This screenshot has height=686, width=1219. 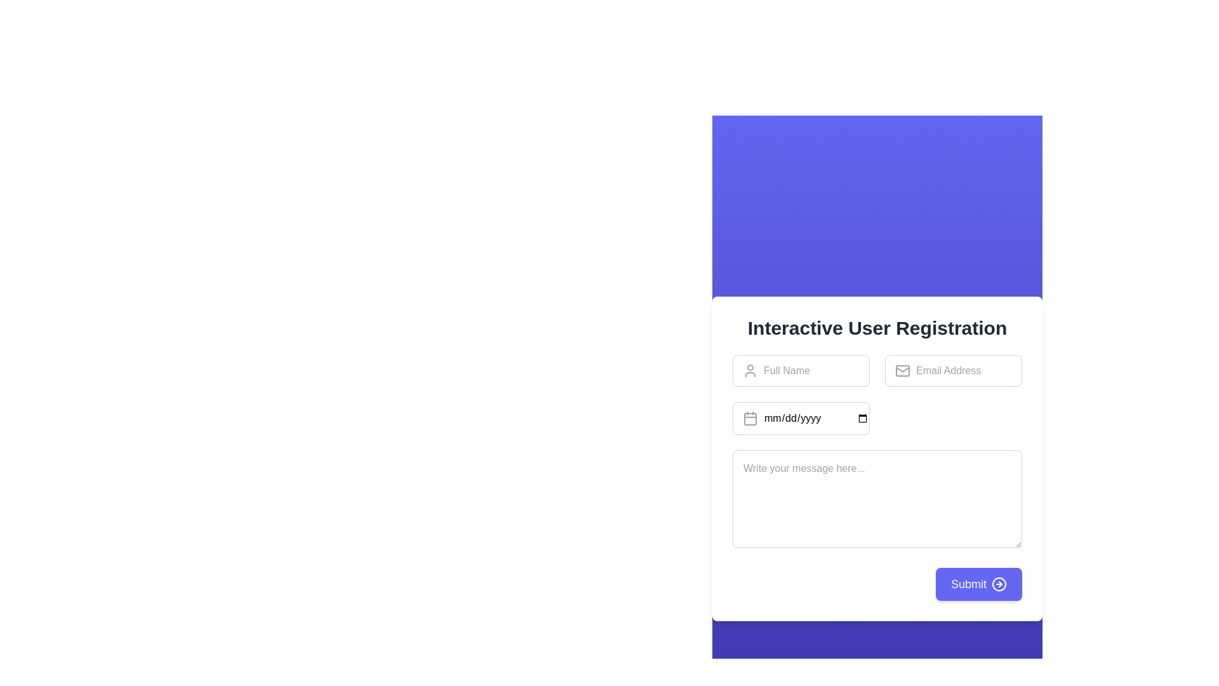 What do you see at coordinates (999, 583) in the screenshot?
I see `the decorative visual indicator icon located to the right of the 'Submit' text on the button in the bottom-right corner of the form` at bounding box center [999, 583].